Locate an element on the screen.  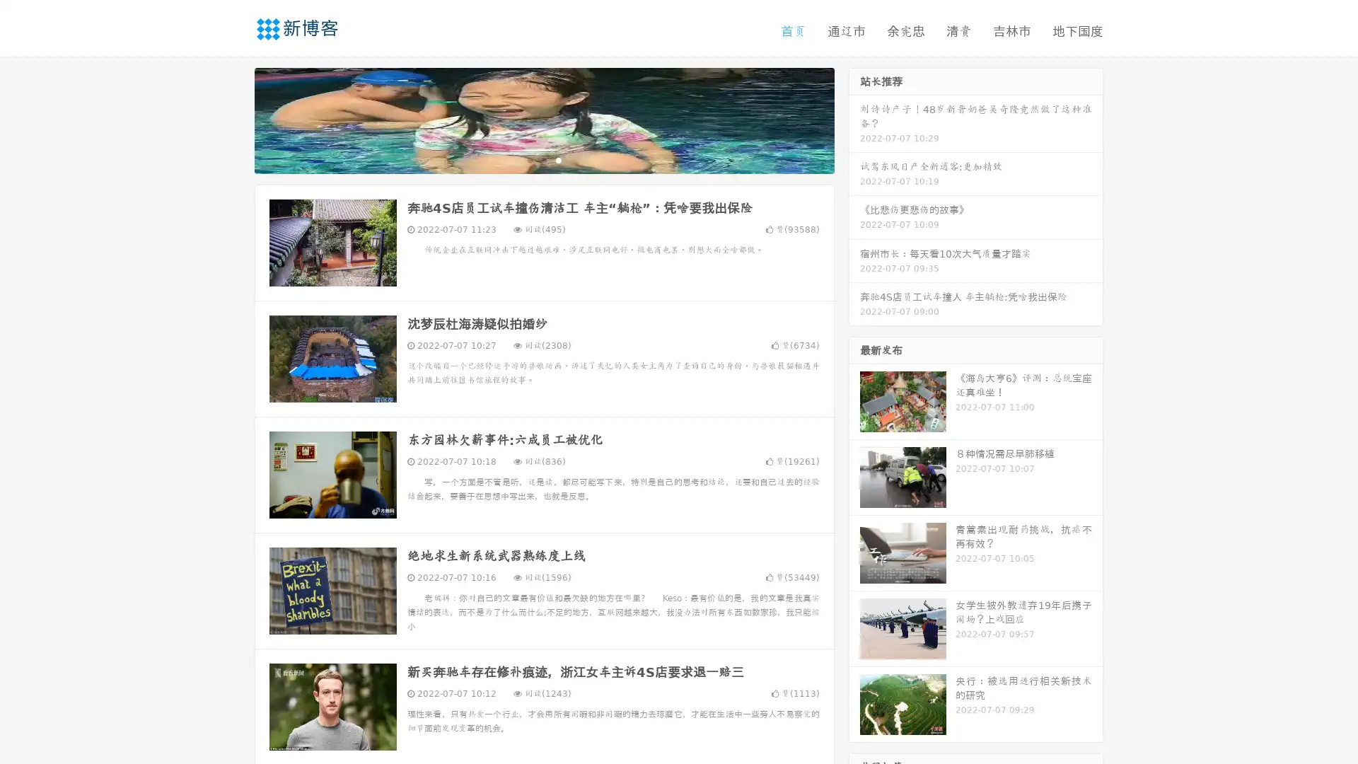
Go to slide 2 is located at coordinates (543, 159).